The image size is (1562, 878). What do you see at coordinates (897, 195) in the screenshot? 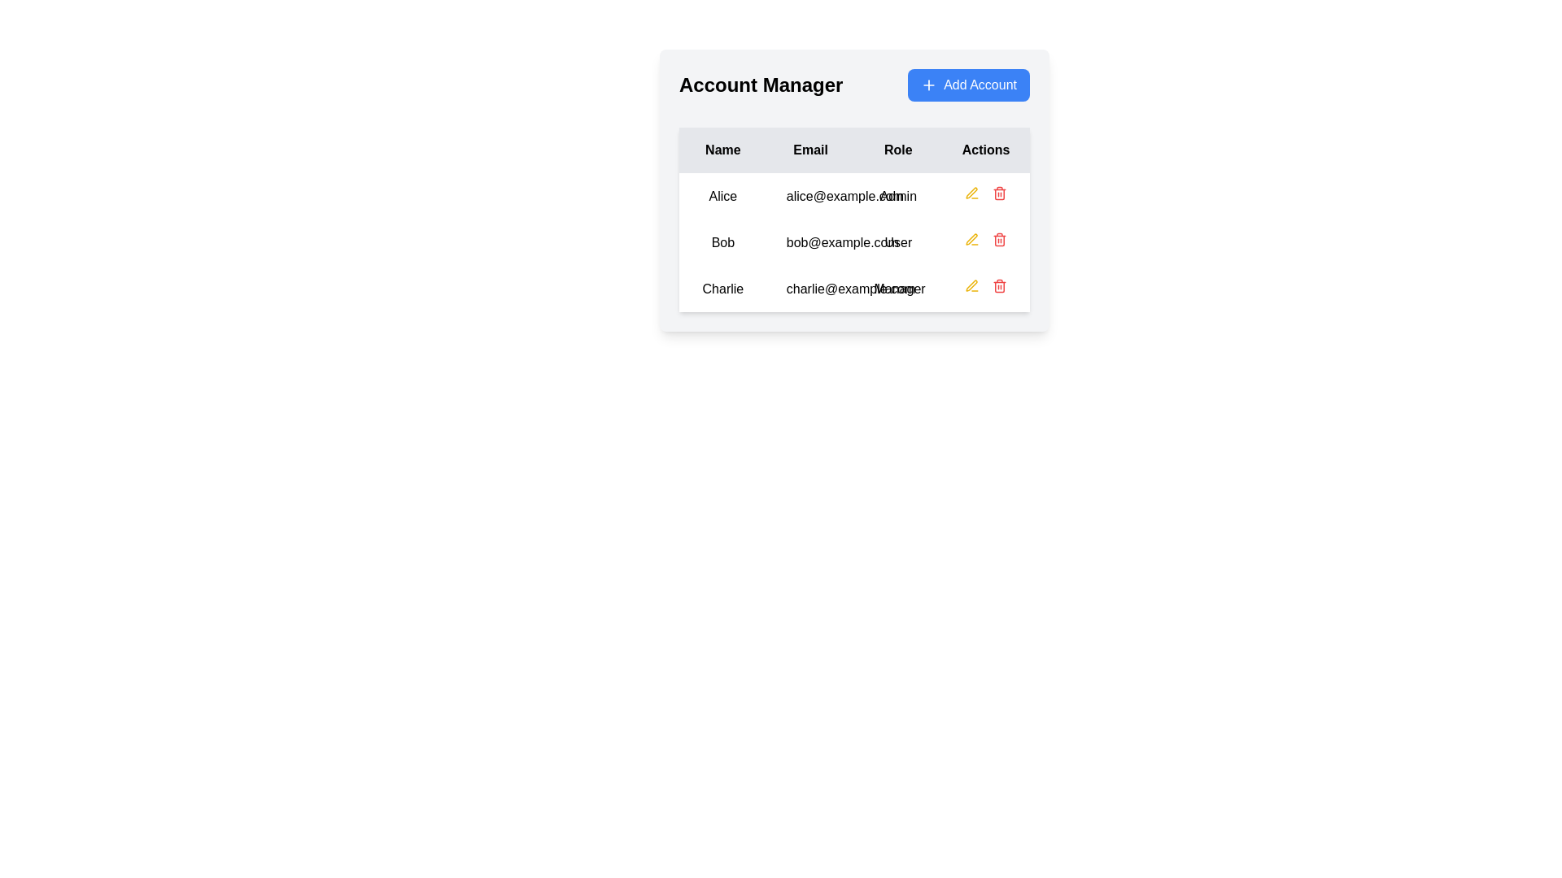
I see `the 'Admin' text label that indicates the user's role in the user details grid, located in the first row under the 'Role' header` at bounding box center [897, 195].